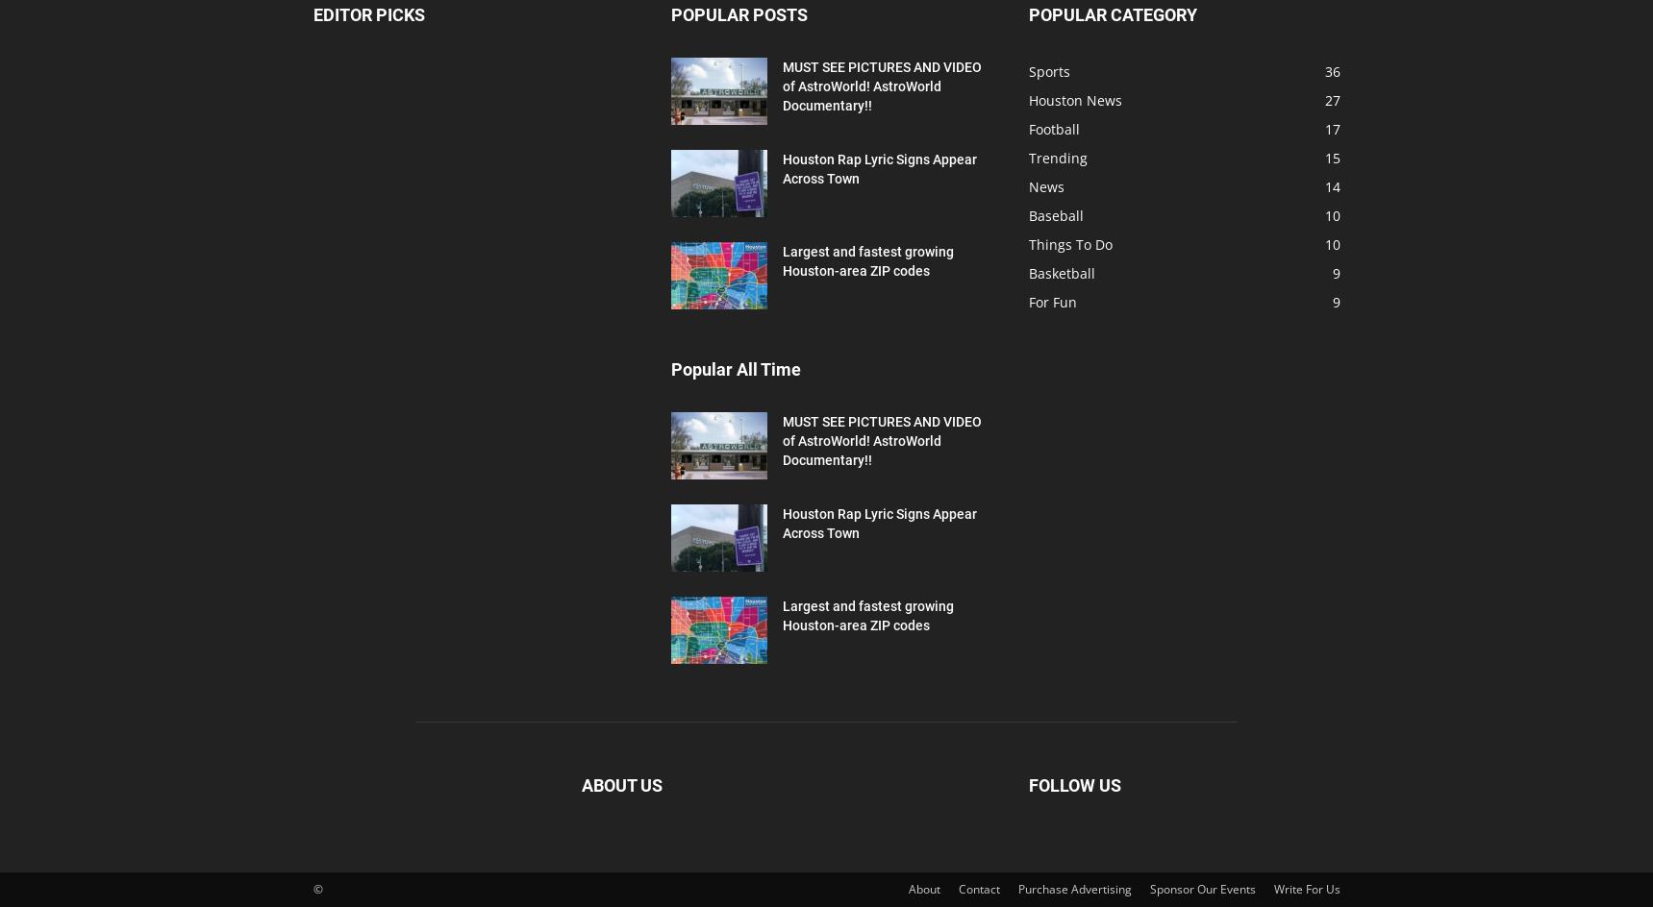 The width and height of the screenshot is (1653, 907). Describe the element at coordinates (366, 14) in the screenshot. I see `'EDITOR PICKS'` at that location.